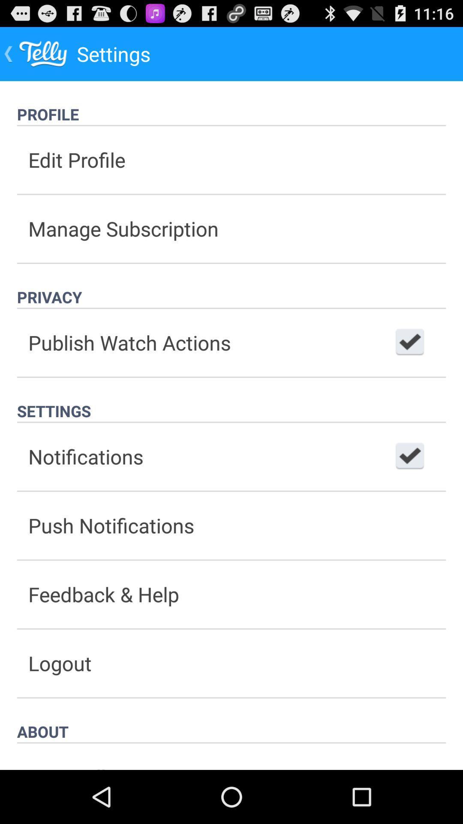  I want to click on publish watch actions, so click(409, 342).